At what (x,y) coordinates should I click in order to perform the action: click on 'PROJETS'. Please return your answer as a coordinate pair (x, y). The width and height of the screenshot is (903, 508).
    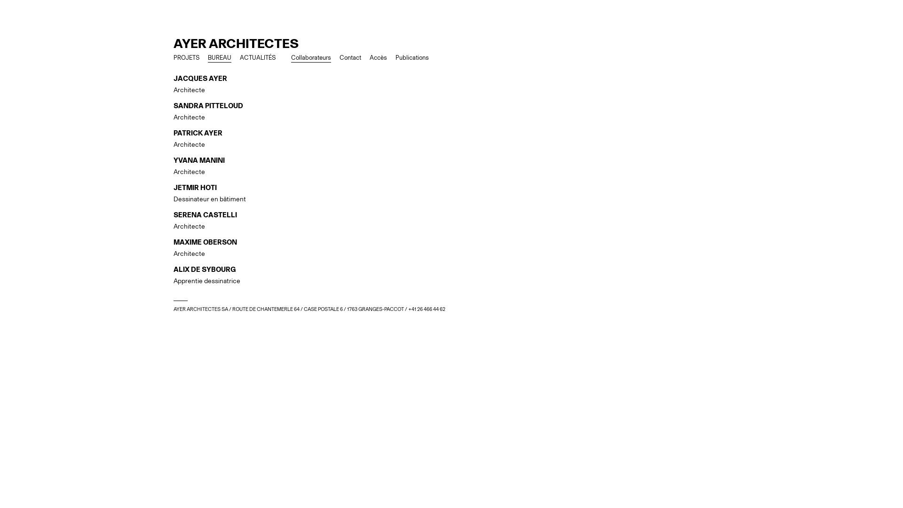
    Looking at the image, I should click on (186, 57).